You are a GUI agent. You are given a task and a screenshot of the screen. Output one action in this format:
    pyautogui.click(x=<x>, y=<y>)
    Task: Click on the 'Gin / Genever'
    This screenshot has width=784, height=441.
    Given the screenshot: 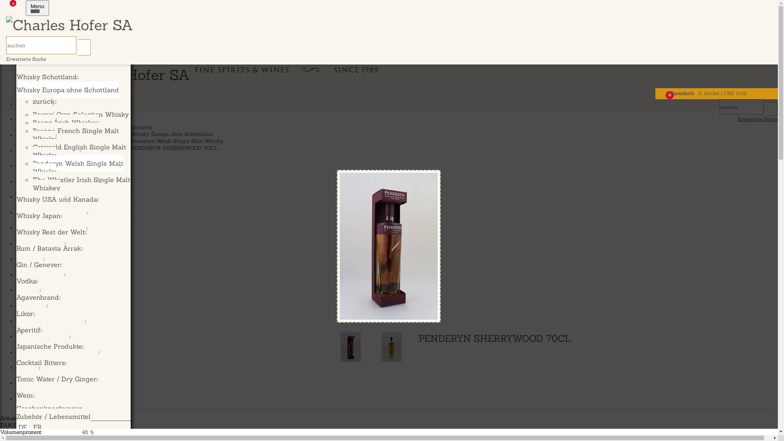 What is the action you would take?
    pyautogui.click(x=39, y=265)
    